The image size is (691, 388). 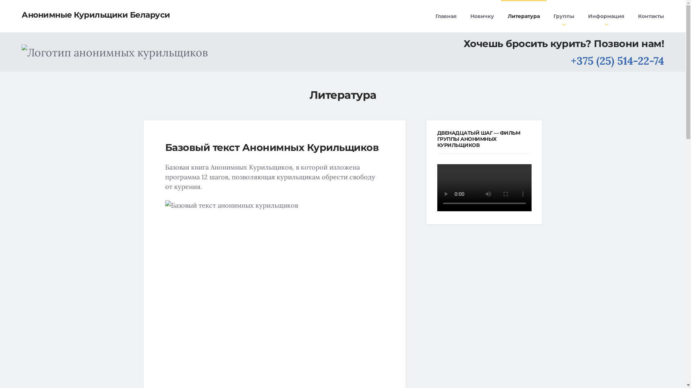 What do you see at coordinates (617, 60) in the screenshot?
I see `'+375 (25) 514-22-74'` at bounding box center [617, 60].